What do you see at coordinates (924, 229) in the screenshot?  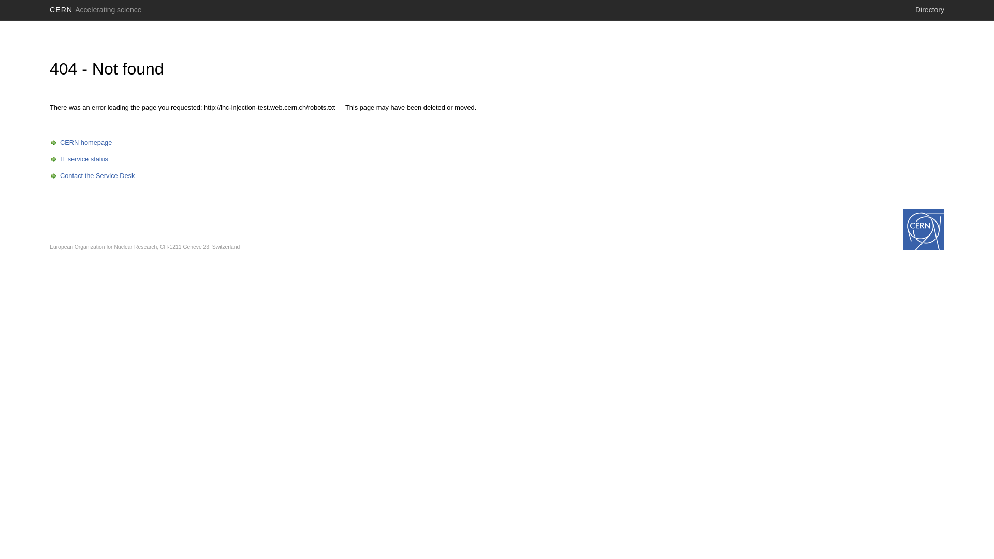 I see `'home.cern'` at bounding box center [924, 229].